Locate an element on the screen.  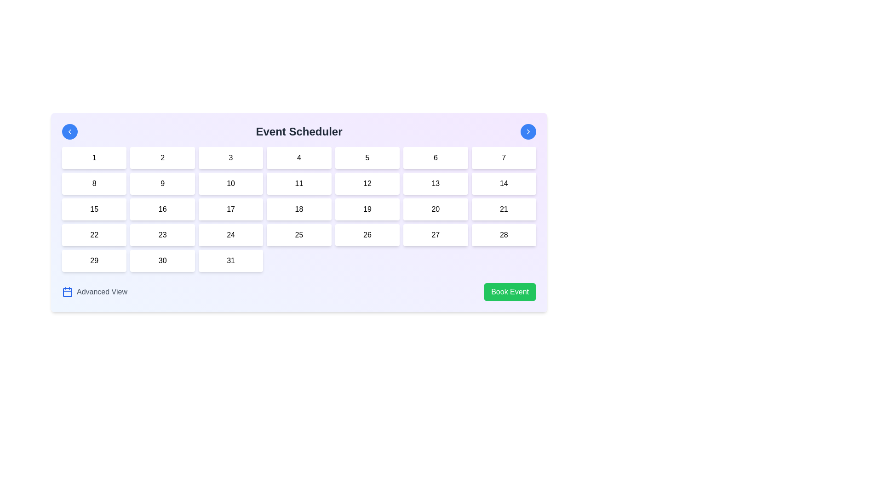
the square button with a white background and the text '28' in bold black font, located in the last row and seventh column of the grid under the 'Event Scheduler' title is located at coordinates (503, 235).